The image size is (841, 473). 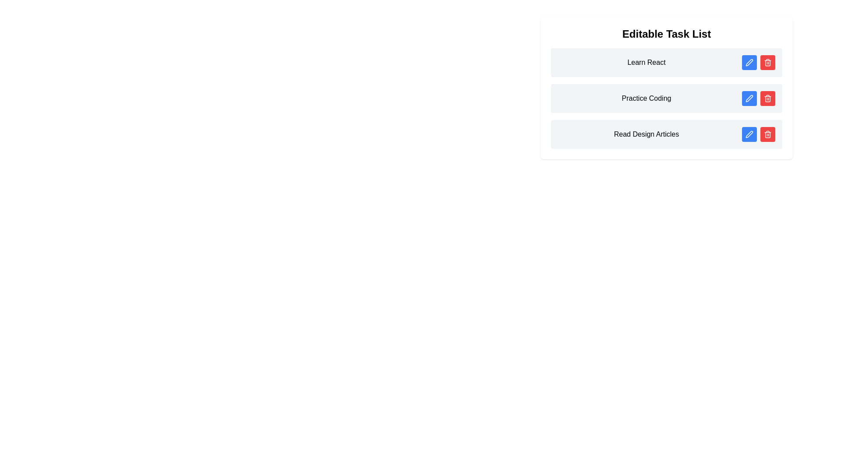 I want to click on the trash icon button located at the far right of the task row, so click(x=767, y=134).